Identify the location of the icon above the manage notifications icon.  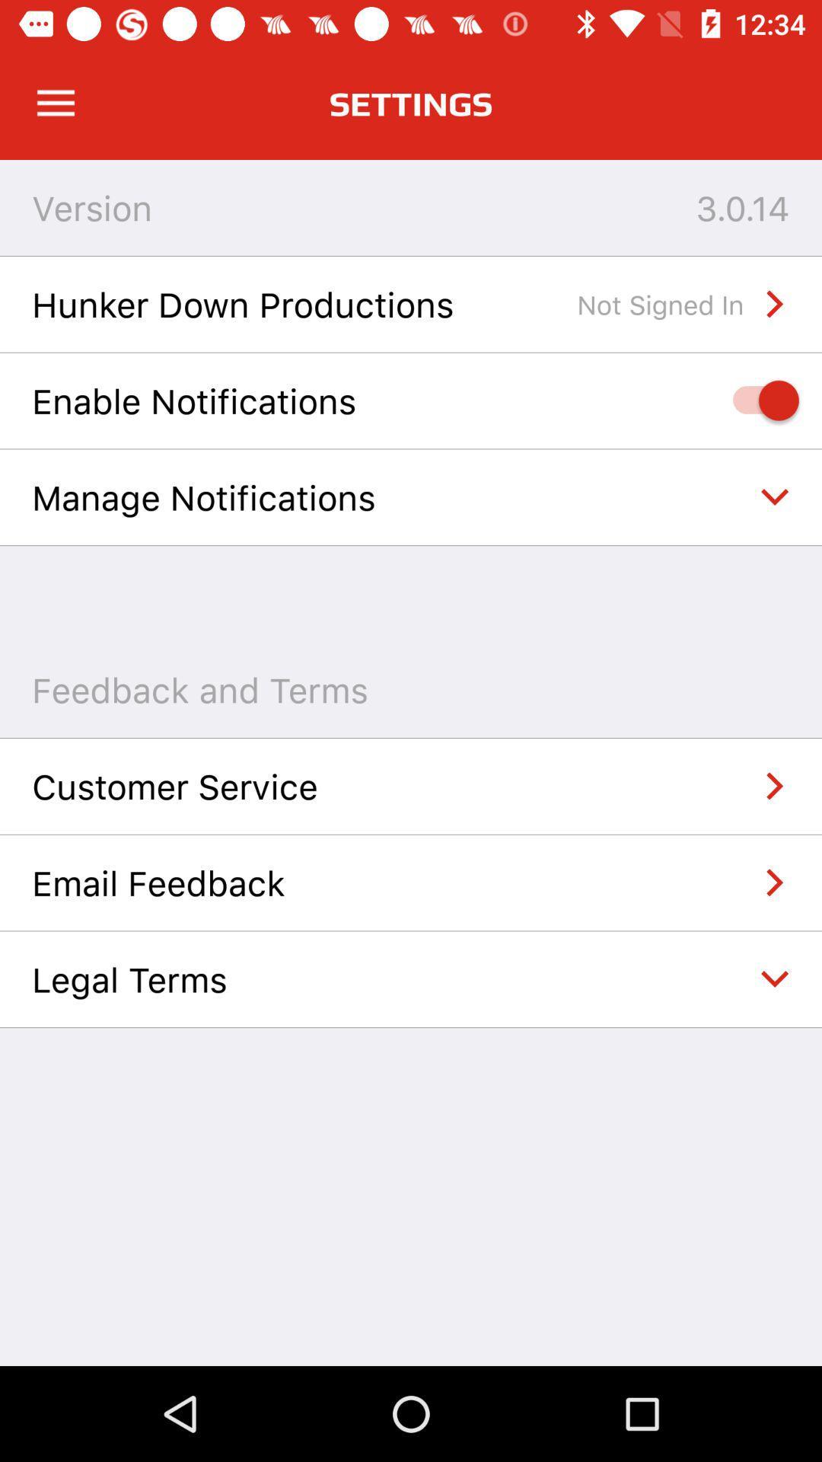
(758, 401).